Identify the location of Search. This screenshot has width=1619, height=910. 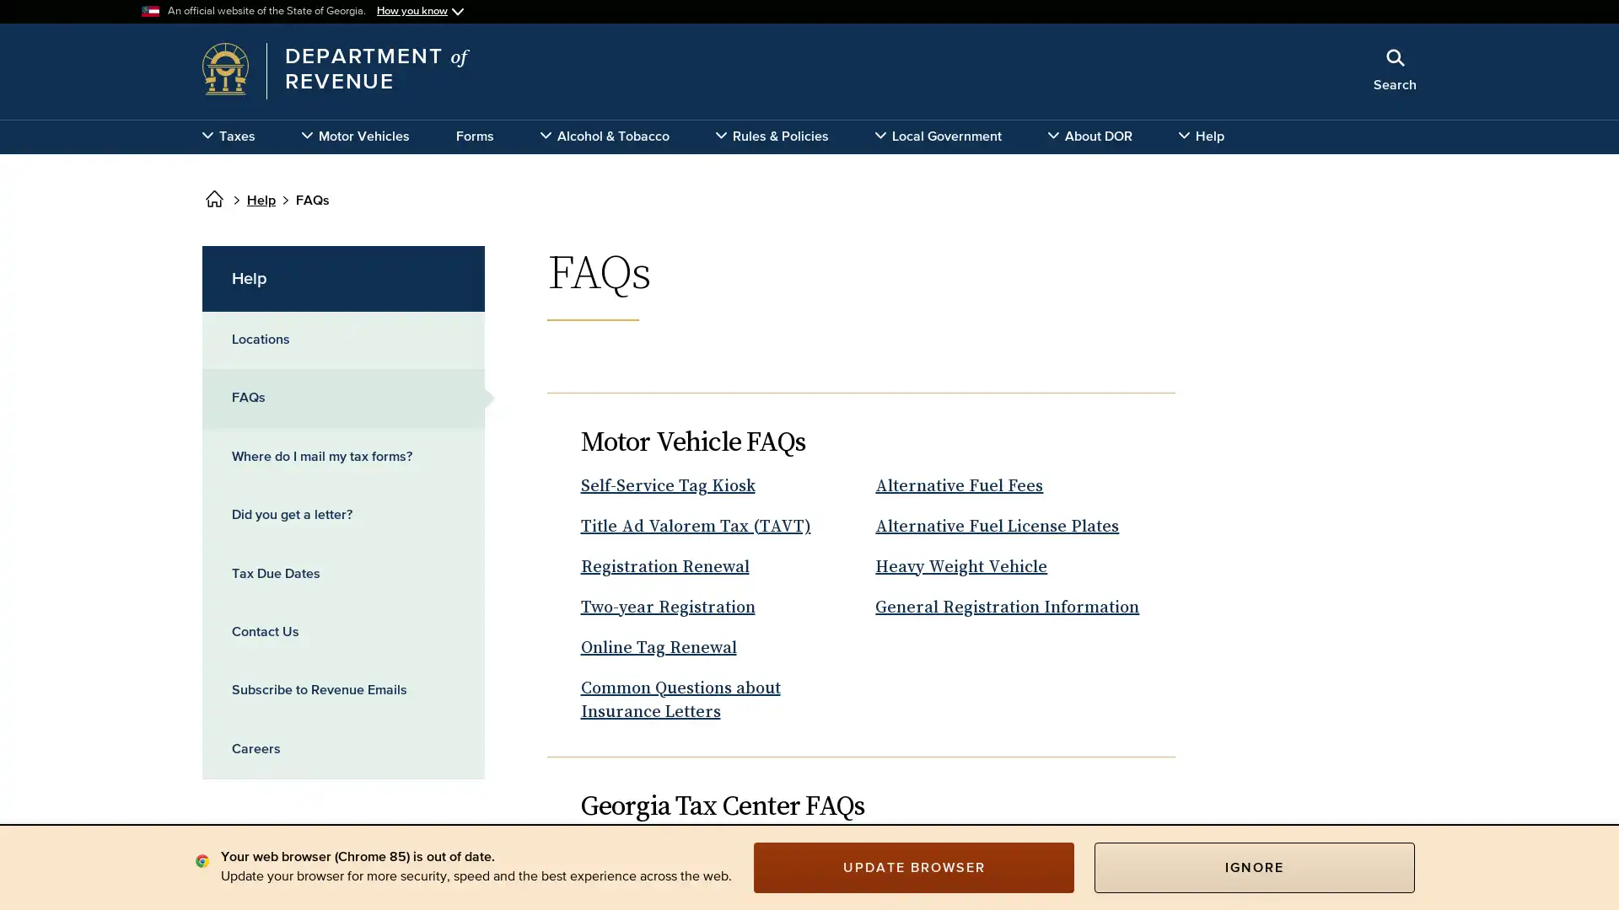
(1326, 237).